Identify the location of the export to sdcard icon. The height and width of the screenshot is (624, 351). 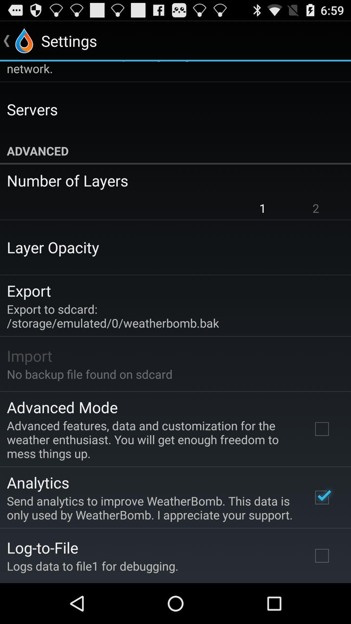
(112, 316).